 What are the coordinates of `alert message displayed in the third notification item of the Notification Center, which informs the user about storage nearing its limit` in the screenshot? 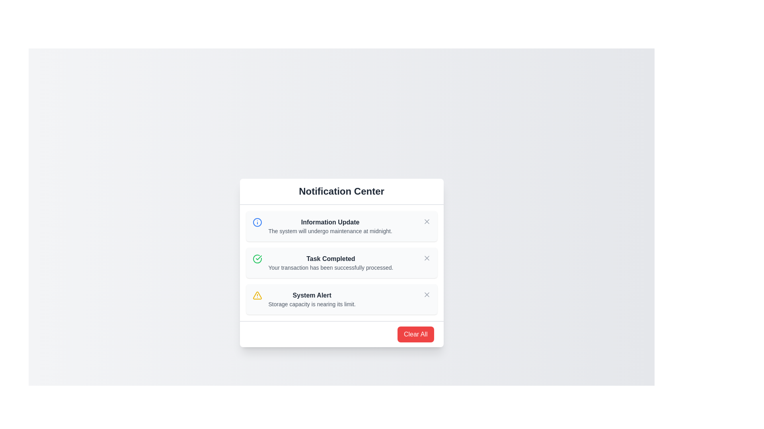 It's located at (312, 299).